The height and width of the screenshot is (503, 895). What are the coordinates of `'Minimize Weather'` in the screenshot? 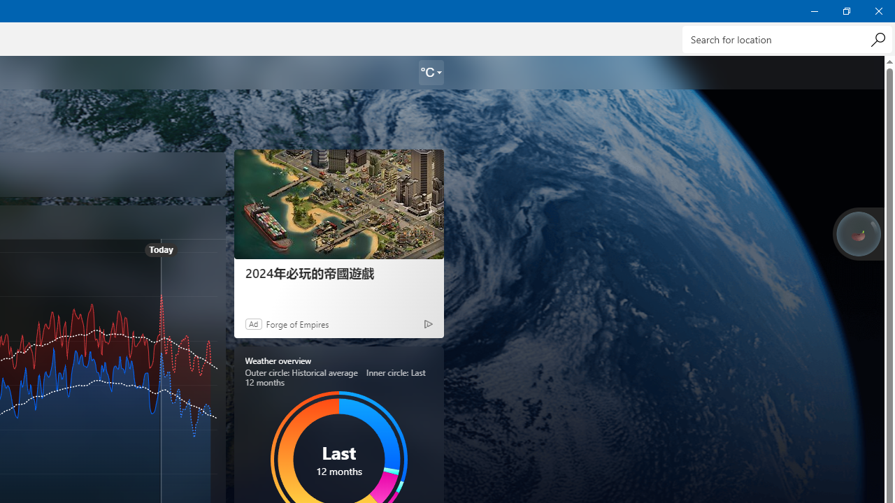 It's located at (814, 10).